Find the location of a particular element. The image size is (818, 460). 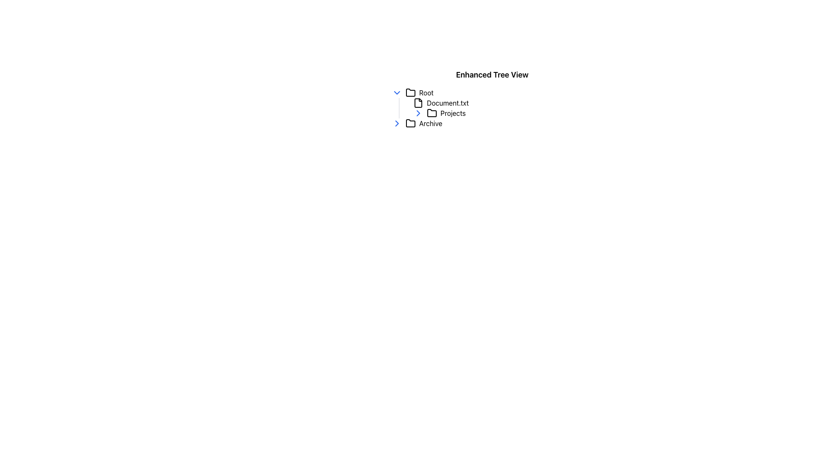

the static text label displaying 'Document.txt' is located at coordinates (447, 103).